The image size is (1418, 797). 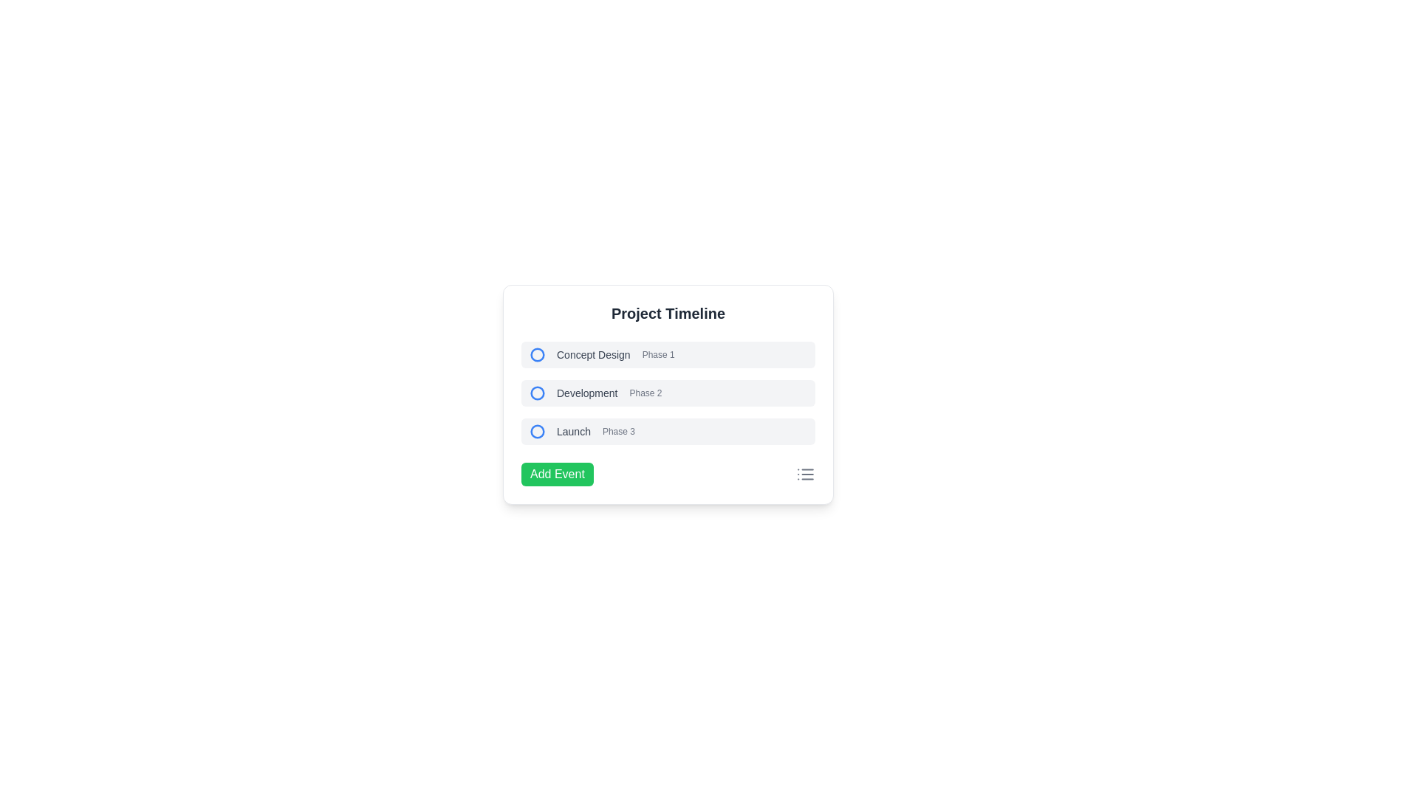 I want to click on text 'Development' from the text label located to the right of the blue circle icon and to the left of 'Phase 2' in the second item of the vertically stacked list, so click(x=586, y=392).